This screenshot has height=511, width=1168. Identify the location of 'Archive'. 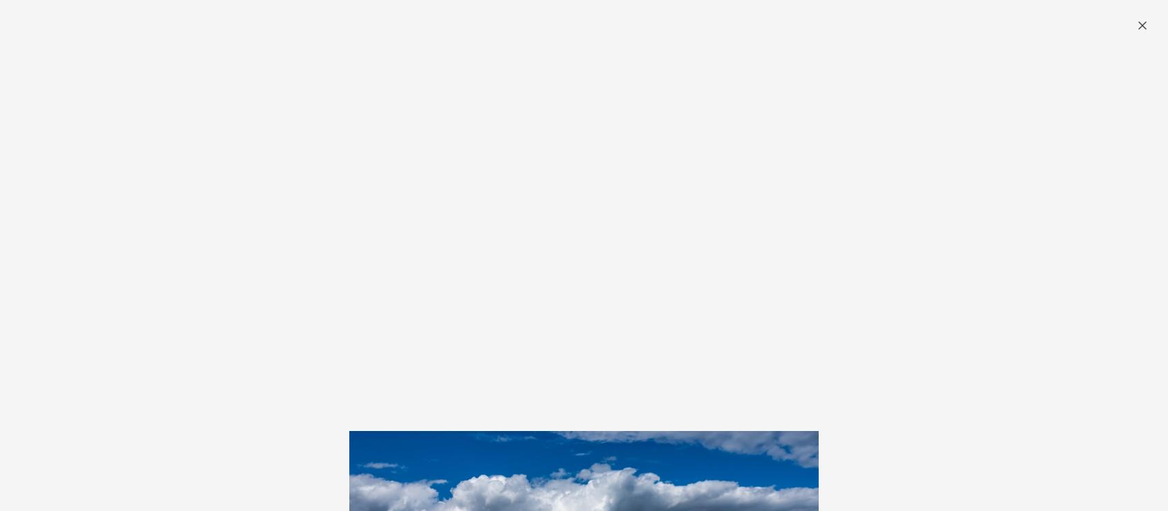
(603, 66).